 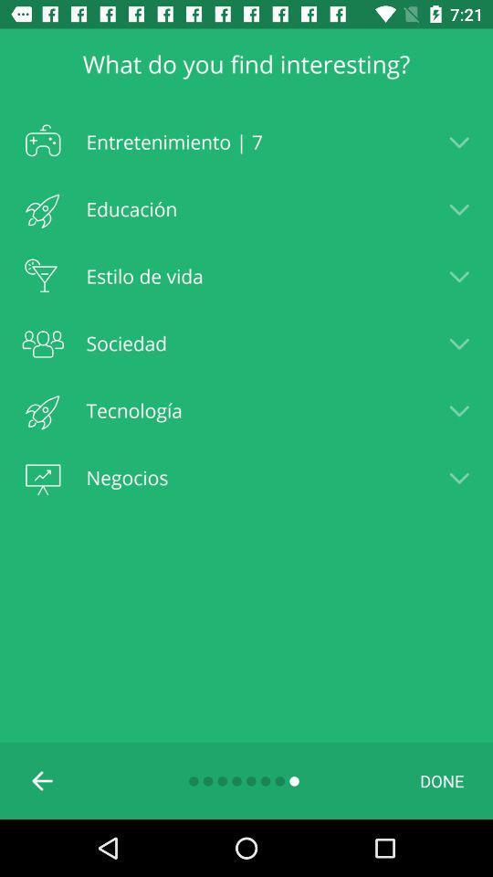 I want to click on item to the left of done icon, so click(x=43, y=779).